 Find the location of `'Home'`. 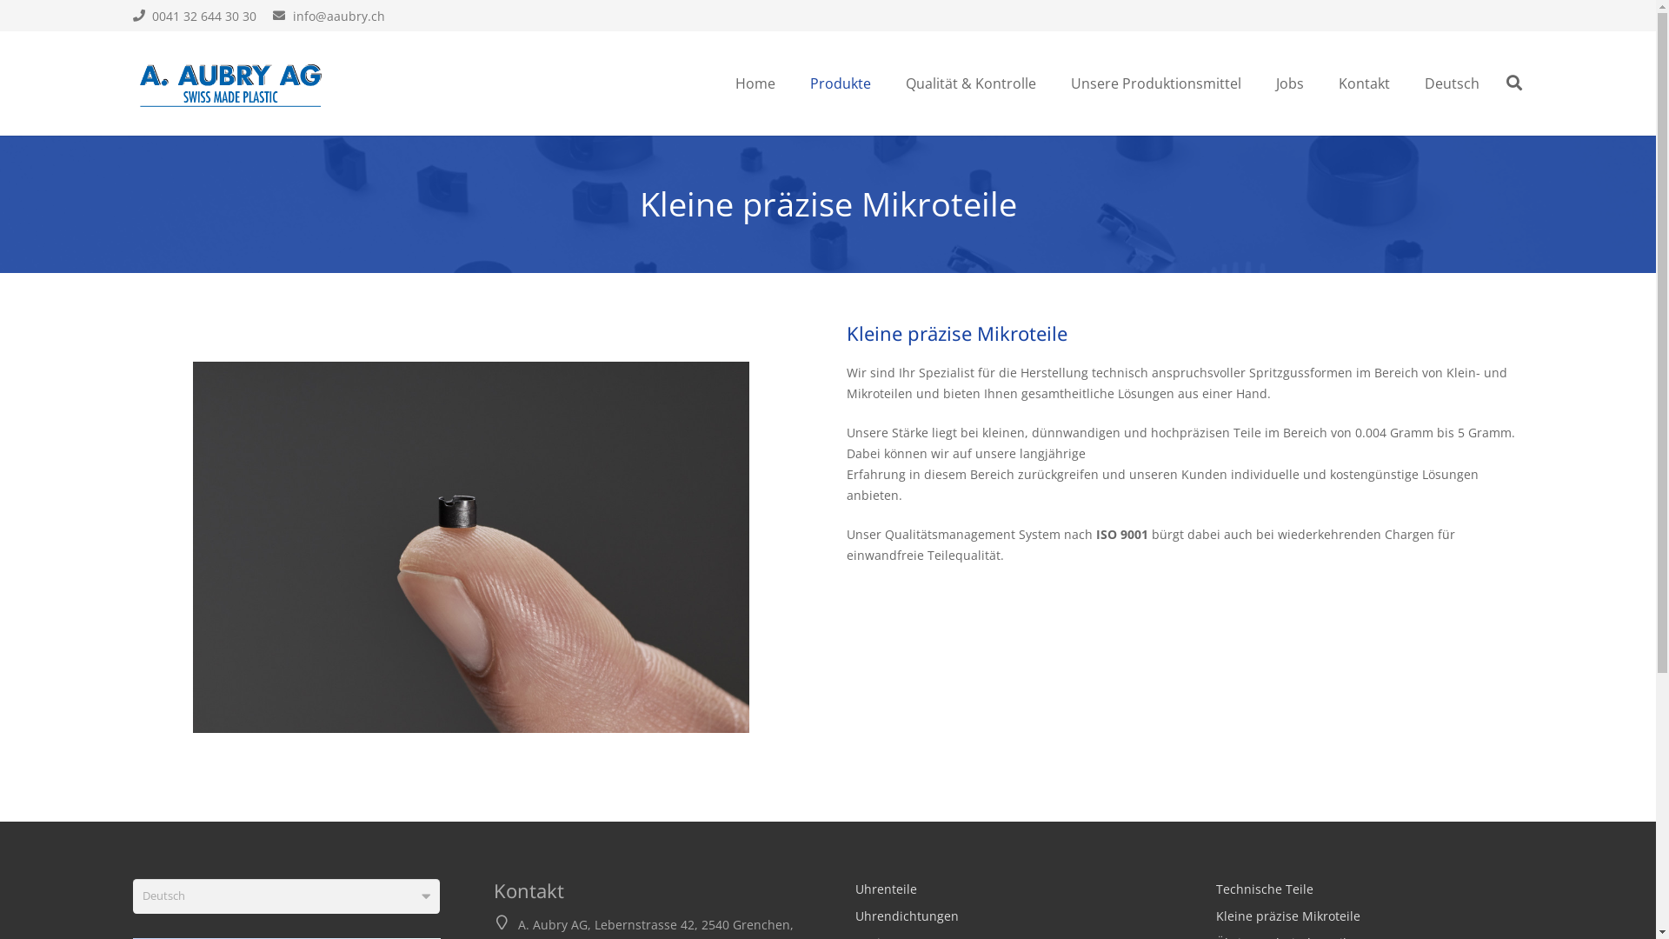

'Home' is located at coordinates (755, 83).